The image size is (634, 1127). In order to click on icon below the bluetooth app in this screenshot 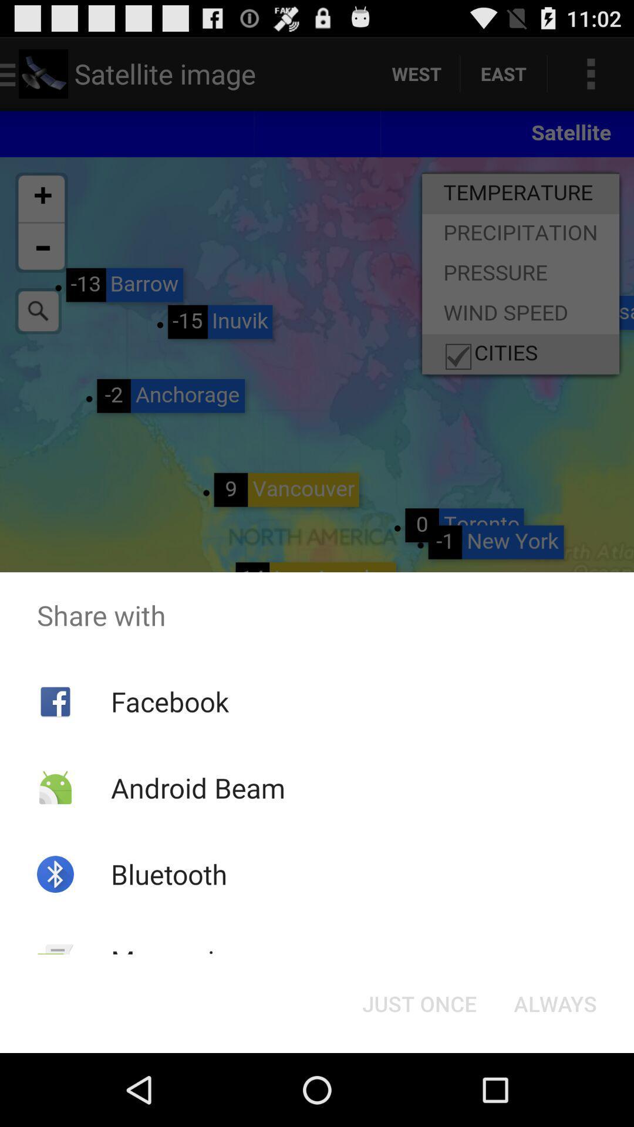, I will do `click(178, 960)`.